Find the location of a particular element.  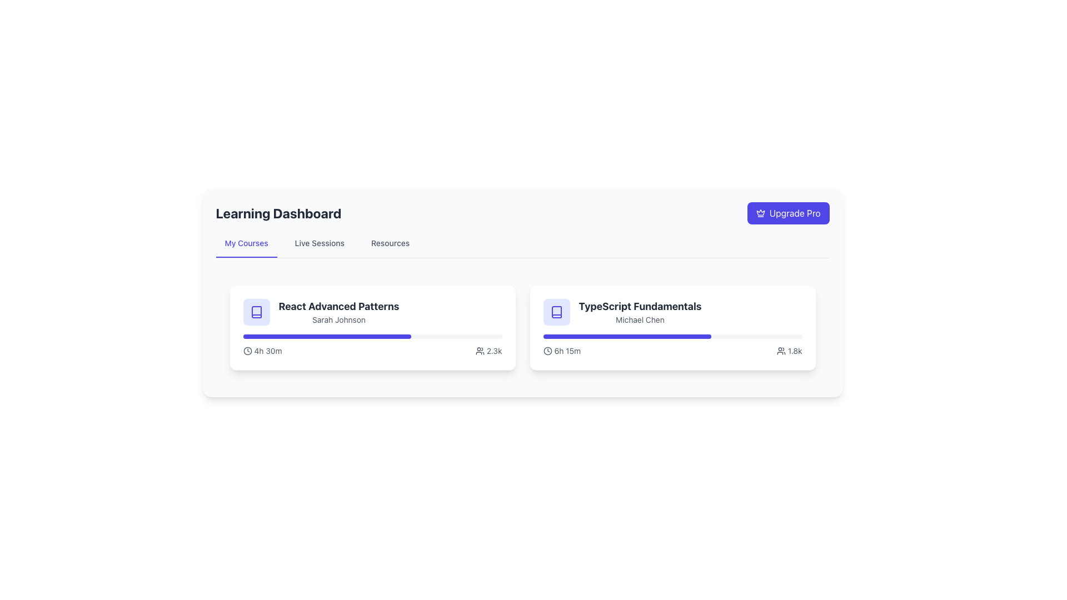

the 'My Courses' navigation link is located at coordinates (246, 247).